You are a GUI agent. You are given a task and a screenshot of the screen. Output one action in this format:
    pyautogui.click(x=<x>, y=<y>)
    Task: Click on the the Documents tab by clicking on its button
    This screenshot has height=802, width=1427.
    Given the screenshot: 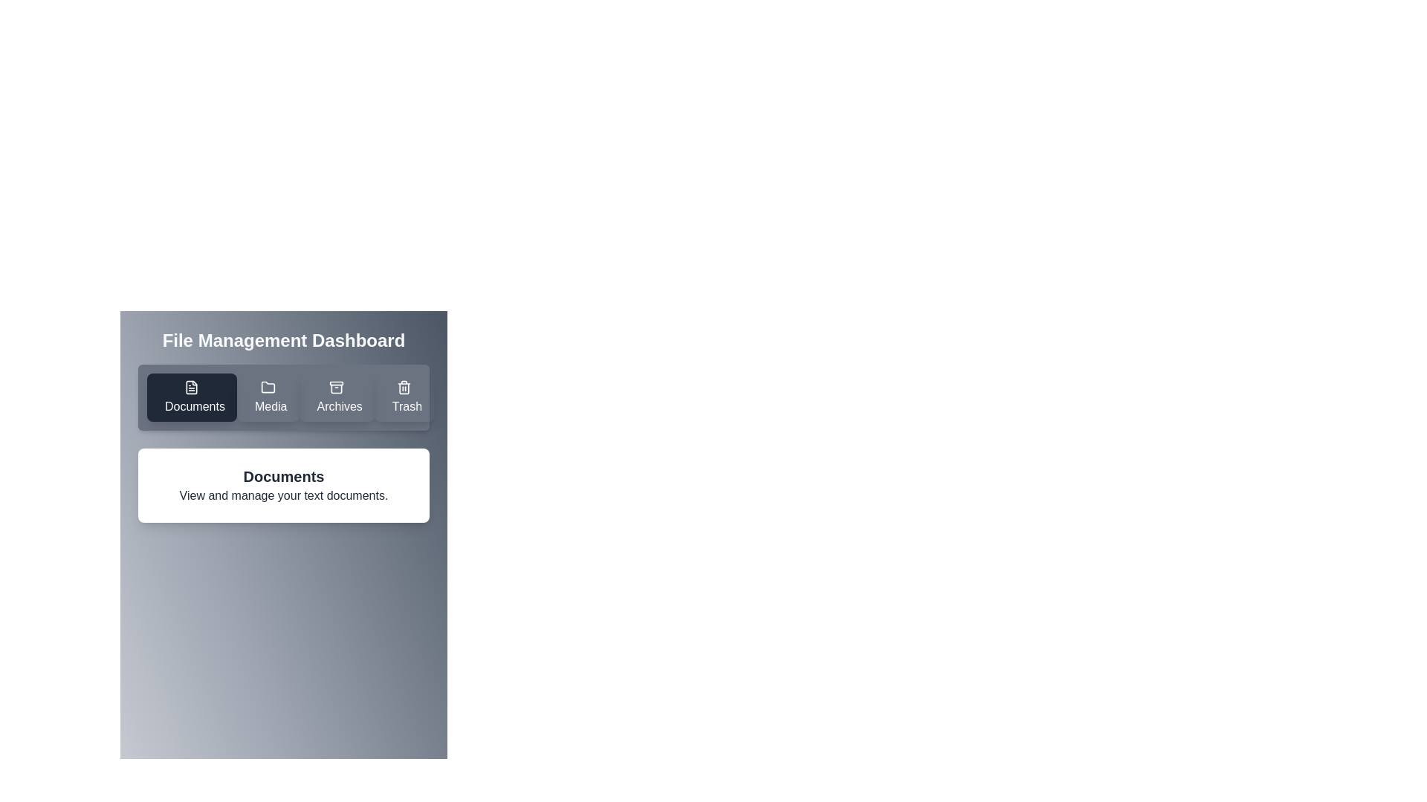 What is the action you would take?
    pyautogui.click(x=191, y=397)
    